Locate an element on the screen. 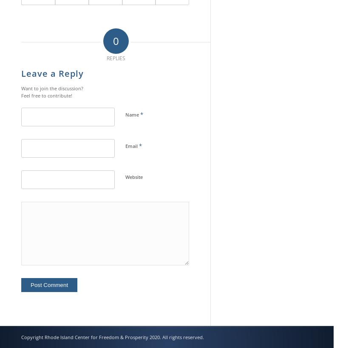  '0' is located at coordinates (116, 40).